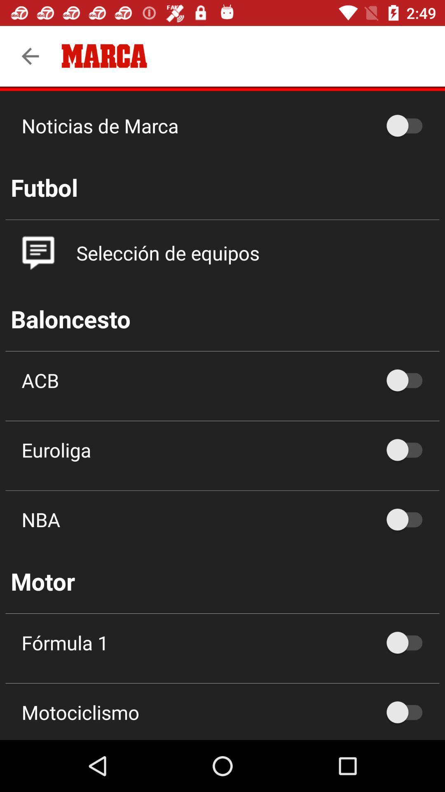  I want to click on notices on/off button, so click(408, 125).